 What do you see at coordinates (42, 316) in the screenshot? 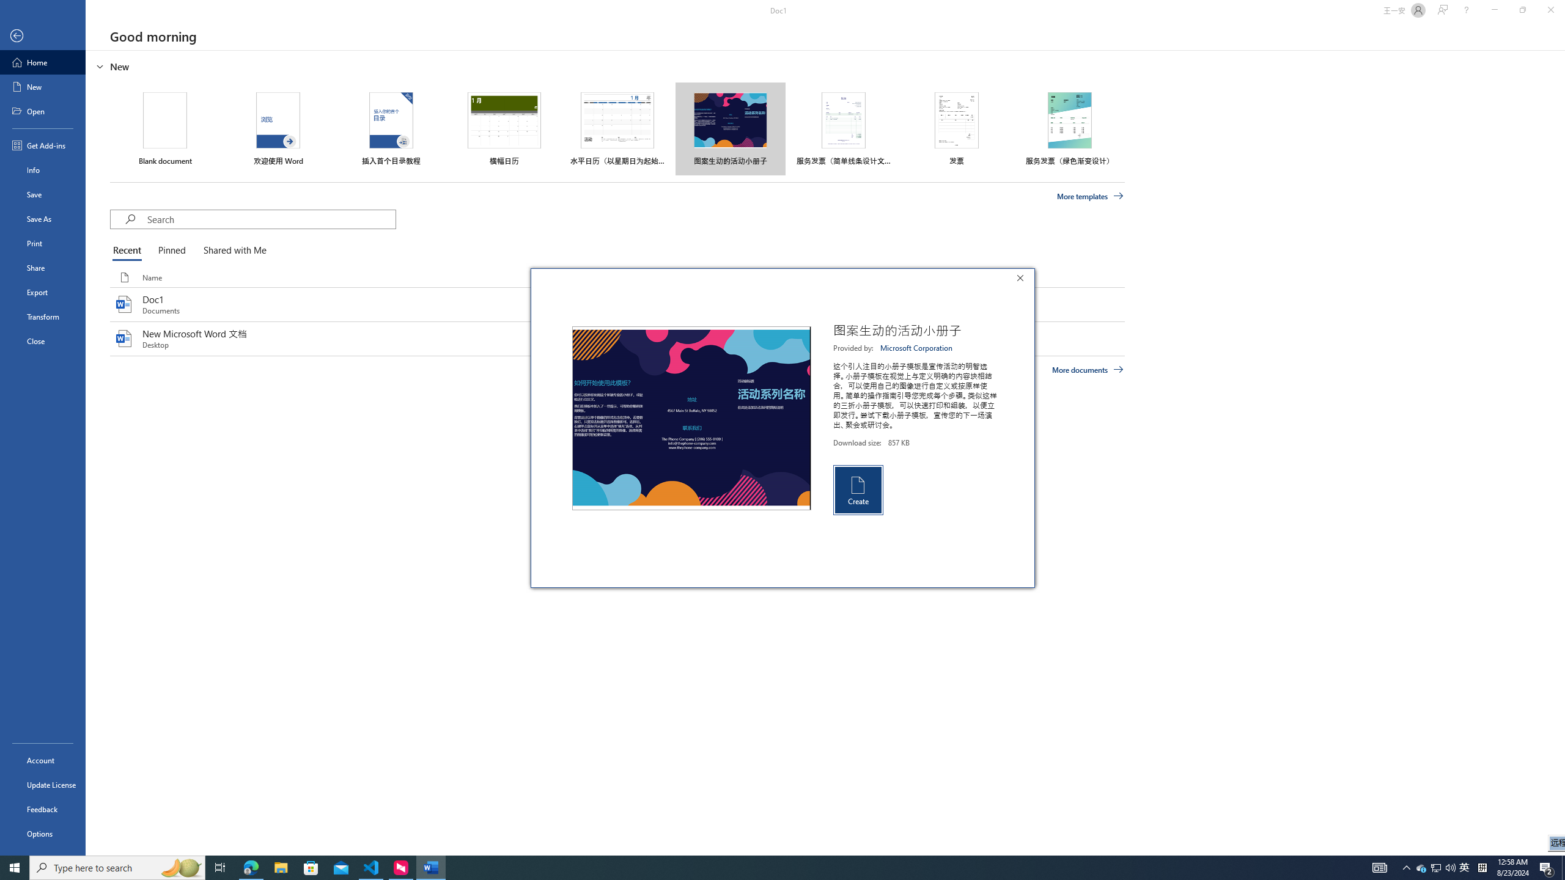
I see `'Transform'` at bounding box center [42, 316].